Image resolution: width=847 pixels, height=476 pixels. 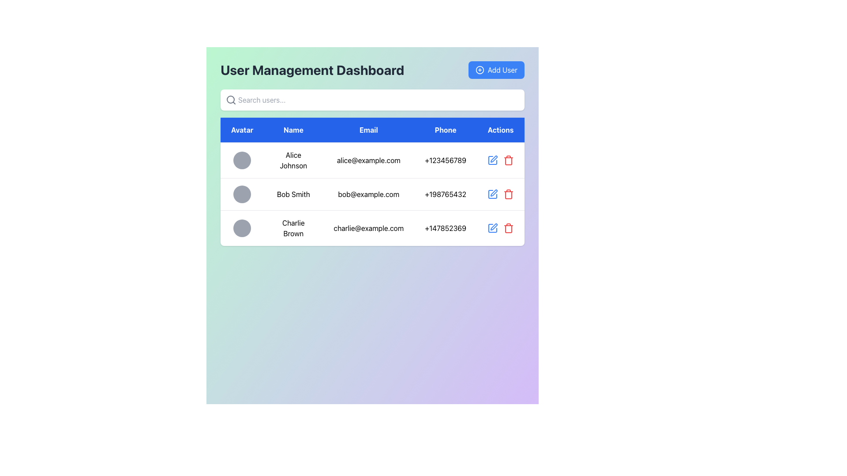 I want to click on email displayed in the third row of the table under the 'Email' column, which shows 'charlie@example.com', so click(x=368, y=227).